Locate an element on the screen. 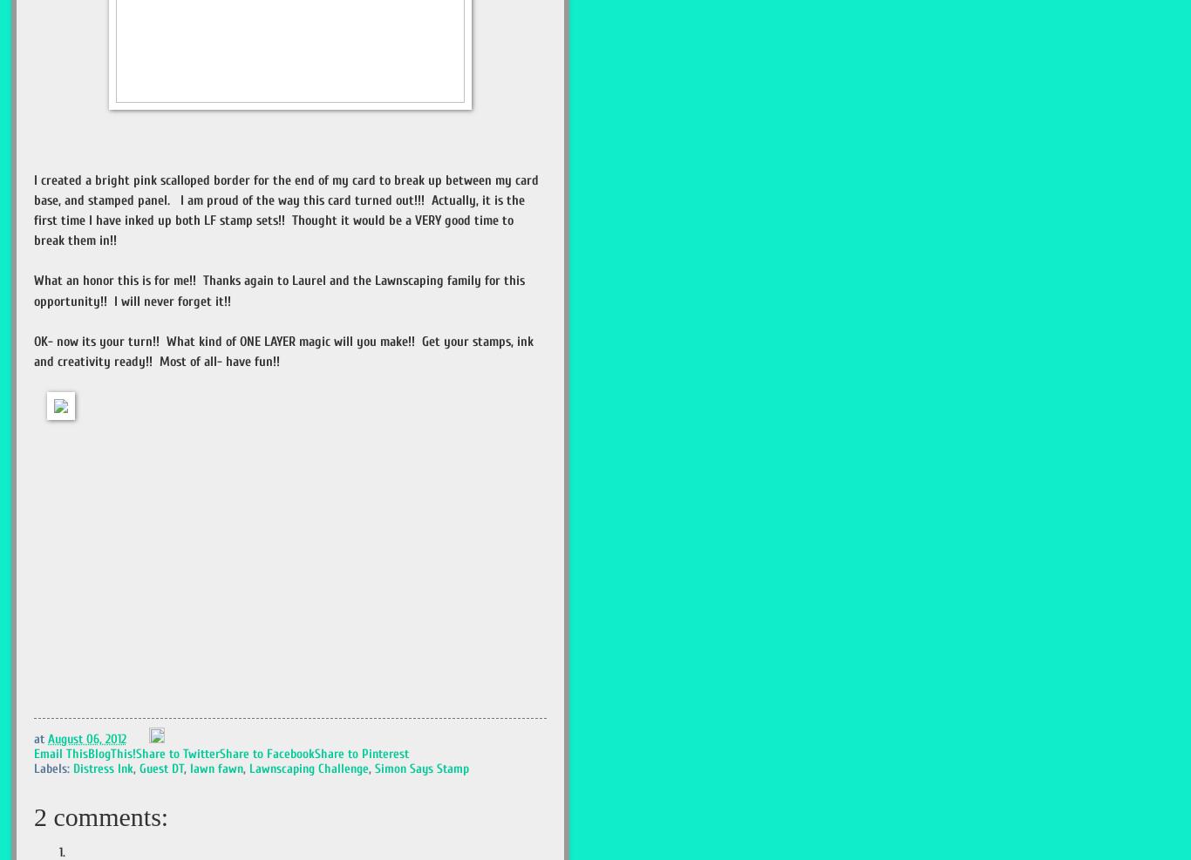 The width and height of the screenshot is (1191, 860). 'OK- now its your turn!!  What kind of ONE LAYER magic will you make!!  Get your stamps, ink and creativity ready!!  Most of all- have fun!!' is located at coordinates (34, 350).